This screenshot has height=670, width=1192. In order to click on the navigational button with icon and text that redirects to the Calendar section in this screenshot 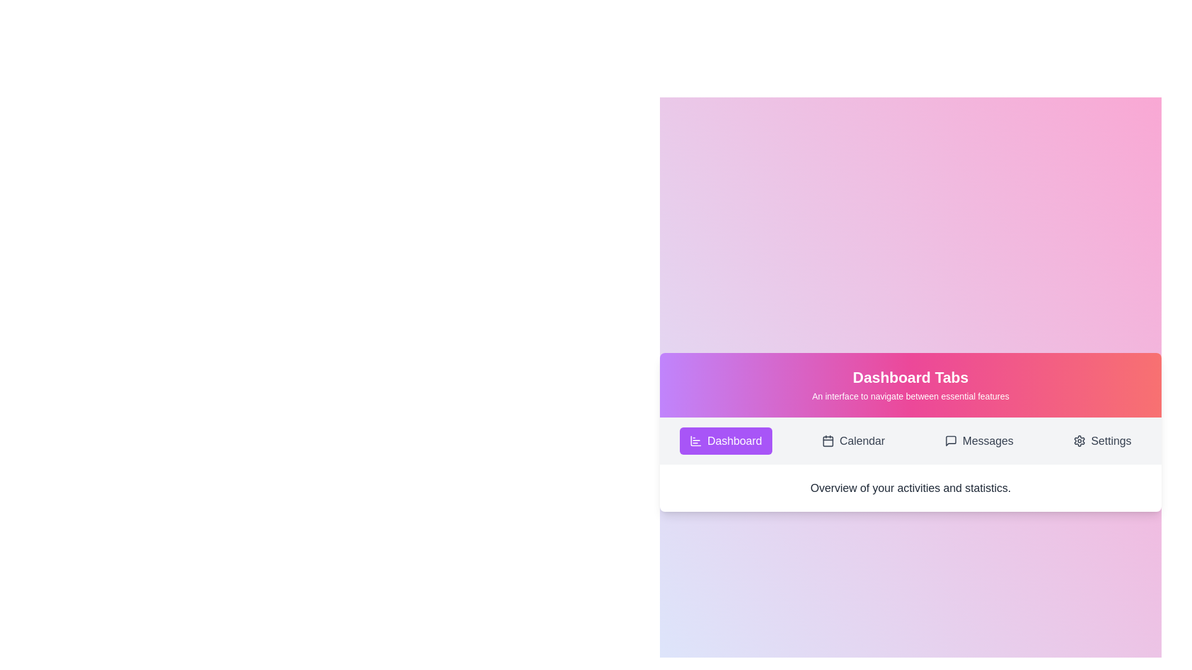, I will do `click(852, 440)`.